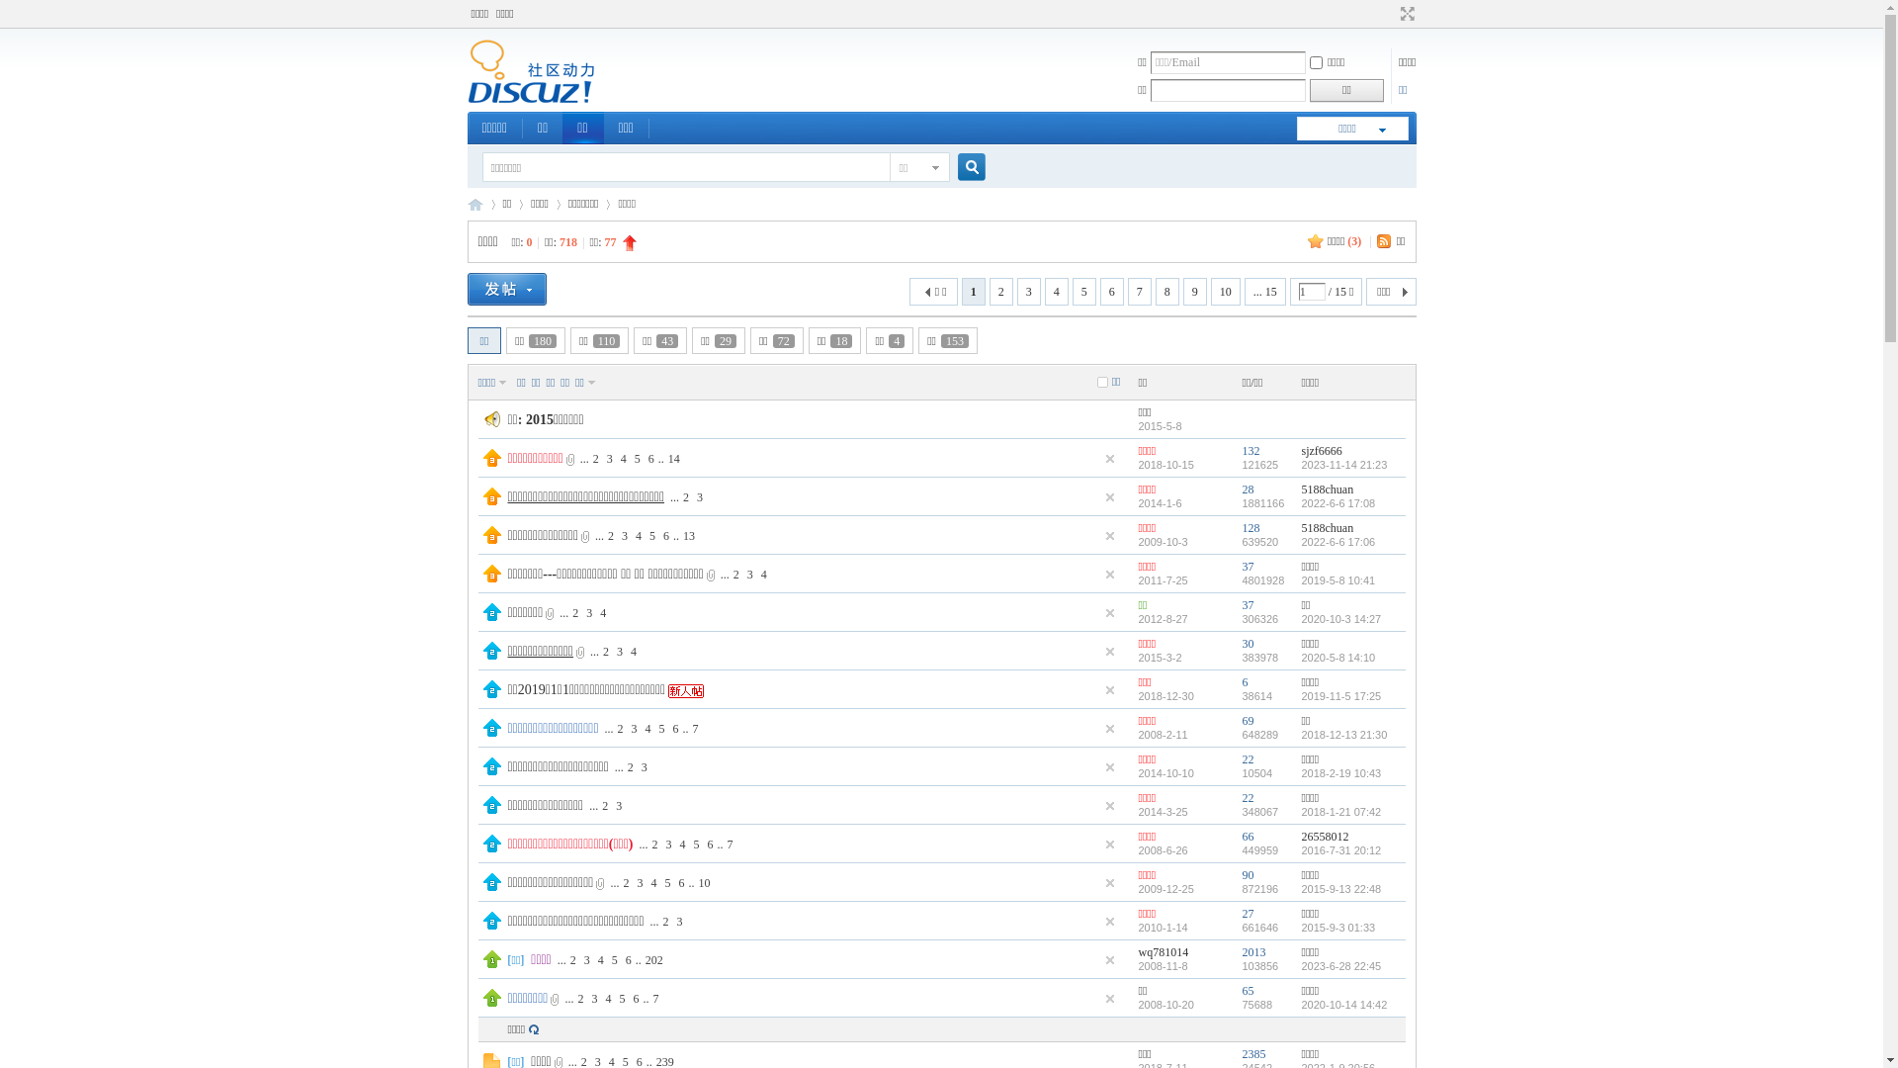  What do you see at coordinates (1164, 951) in the screenshot?
I see `'wq781014'` at bounding box center [1164, 951].